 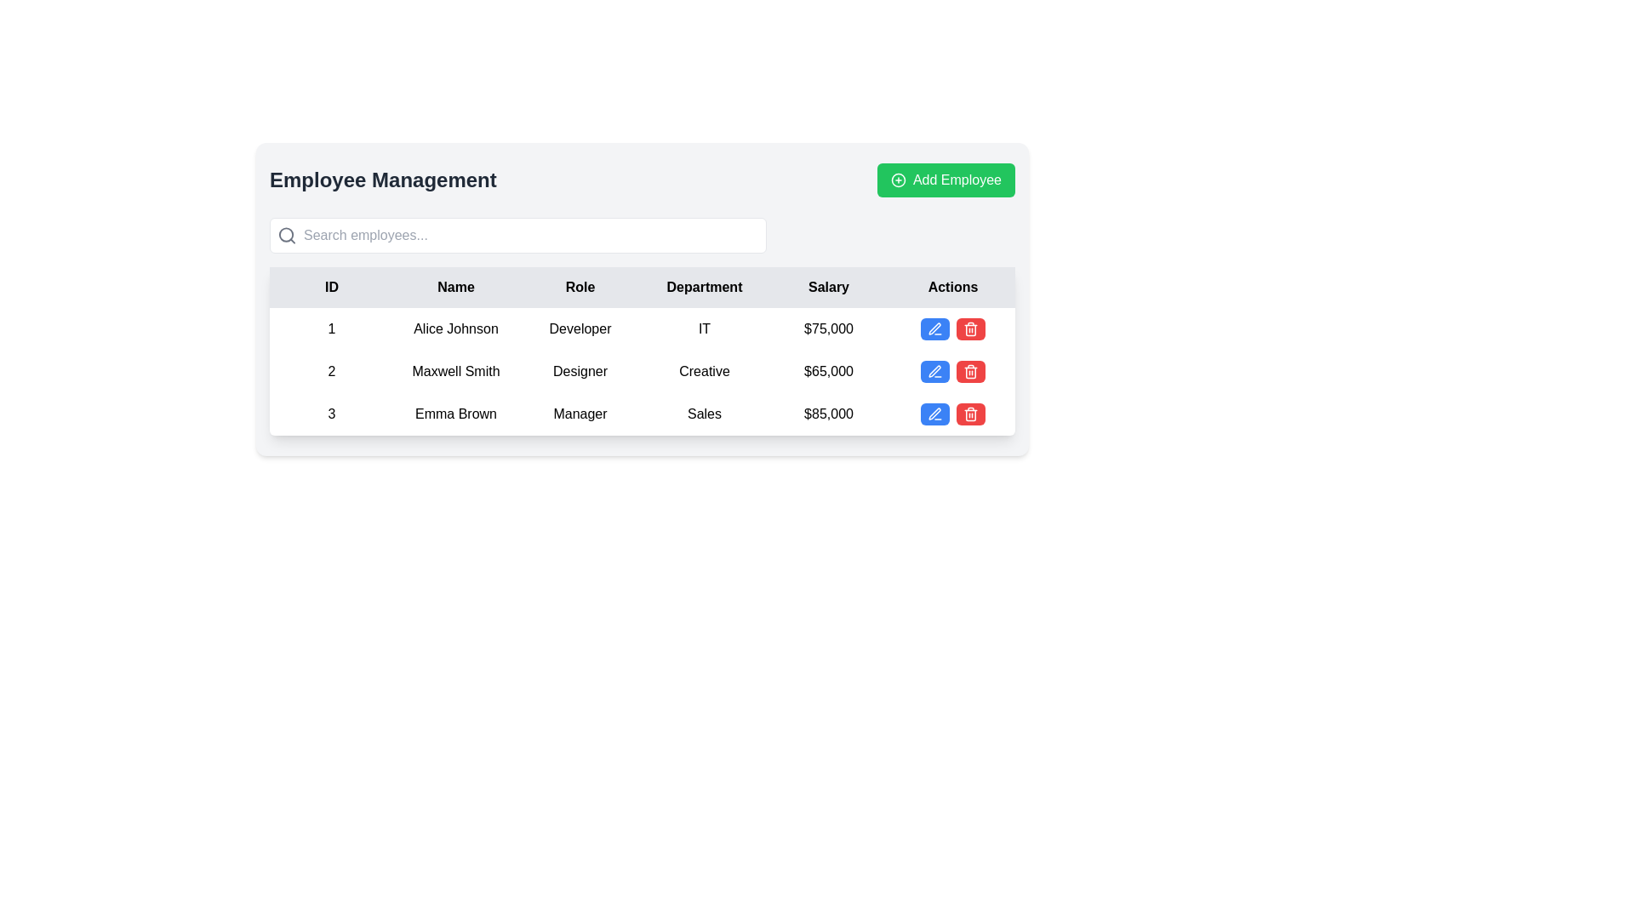 What do you see at coordinates (705, 370) in the screenshot?
I see `the text label in the fourth column of the row for 'Maxwell Smith' in the 'Employee Management' table, which indicates the 'Department' field` at bounding box center [705, 370].